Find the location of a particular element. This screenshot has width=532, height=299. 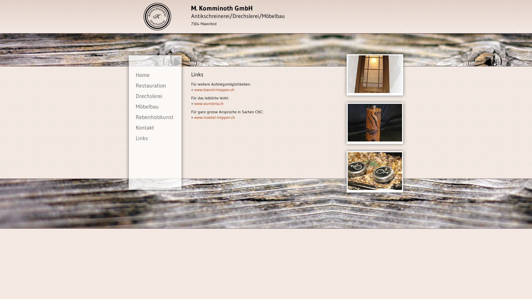

'Kontakt' is located at coordinates (135, 128).